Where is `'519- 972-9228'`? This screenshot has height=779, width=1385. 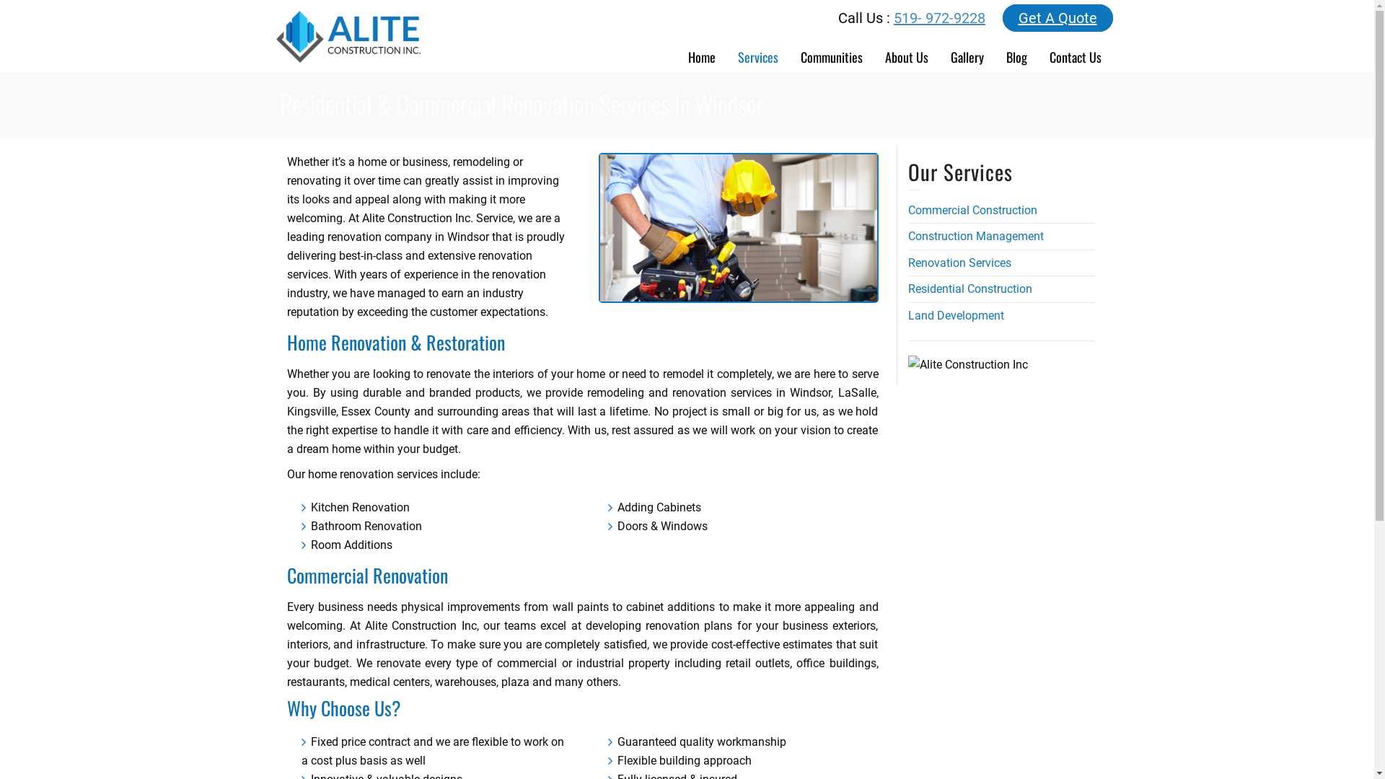 '519- 972-9228' is located at coordinates (939, 17).